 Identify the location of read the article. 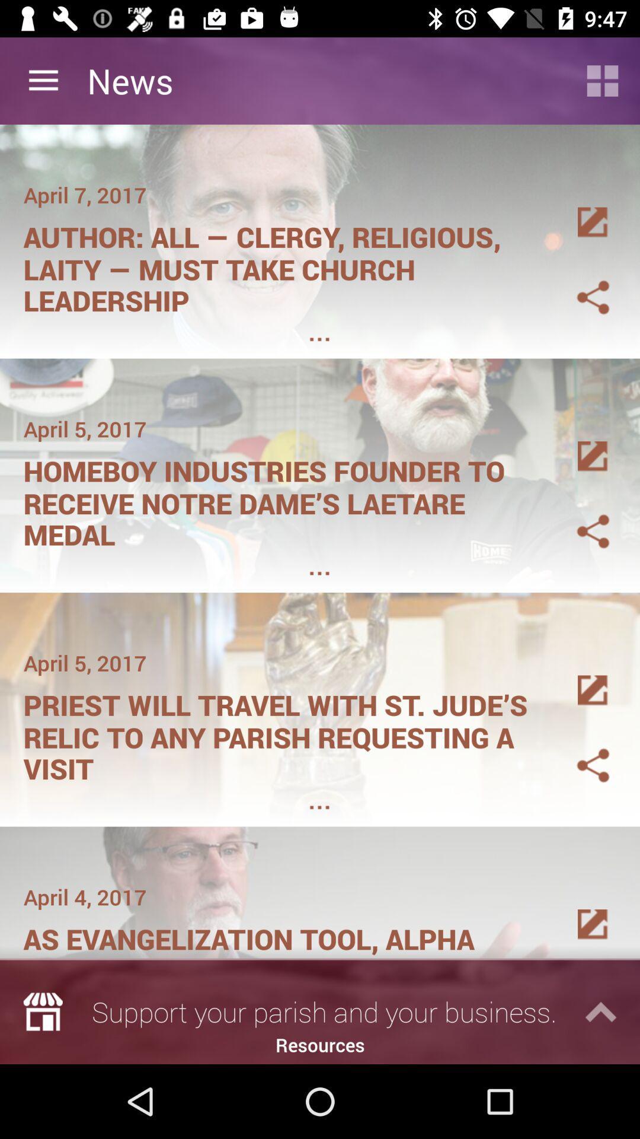
(578, 676).